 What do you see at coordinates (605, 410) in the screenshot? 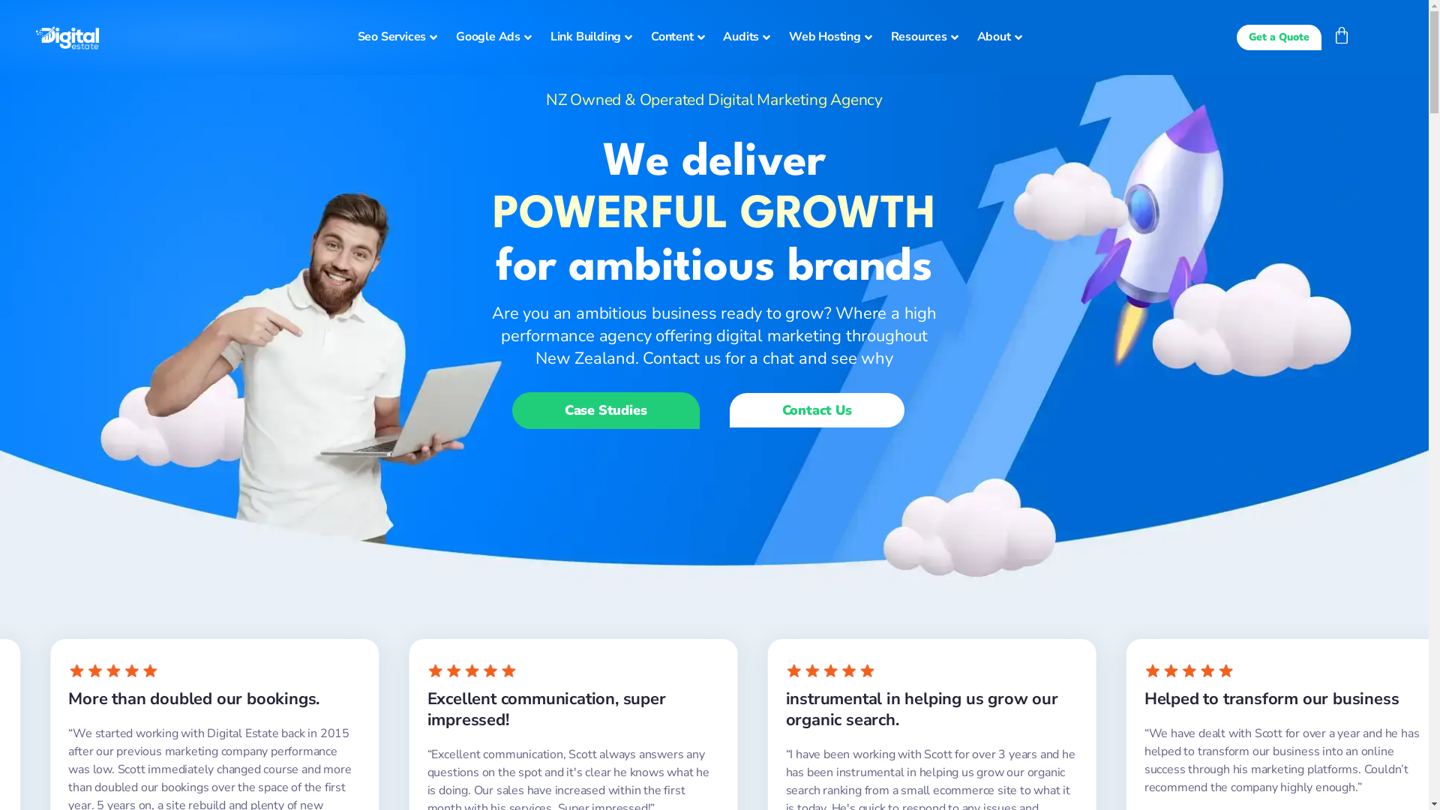
I see `'Case Studies'` at bounding box center [605, 410].